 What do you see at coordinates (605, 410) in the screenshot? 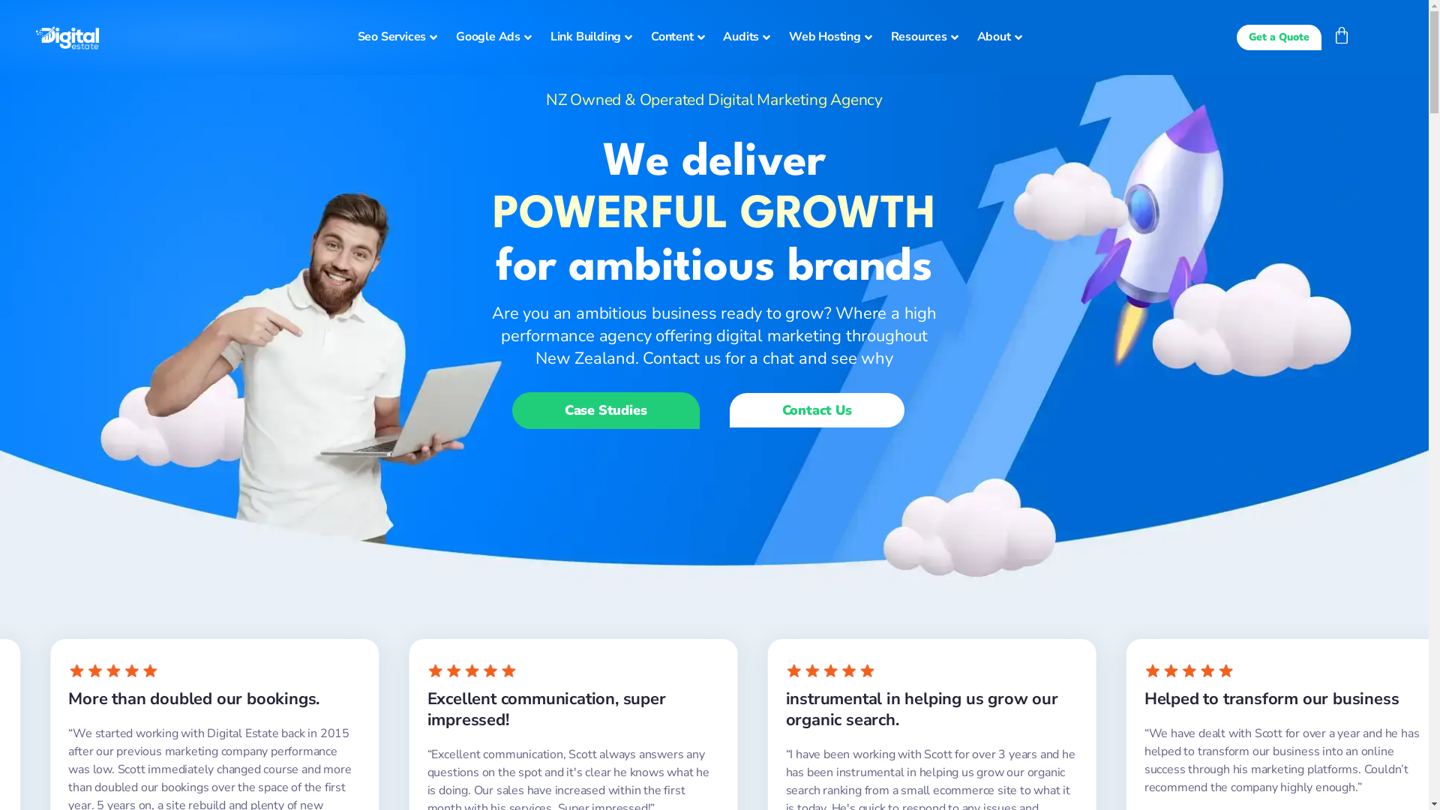
I see `'Case Studies'` at bounding box center [605, 410].